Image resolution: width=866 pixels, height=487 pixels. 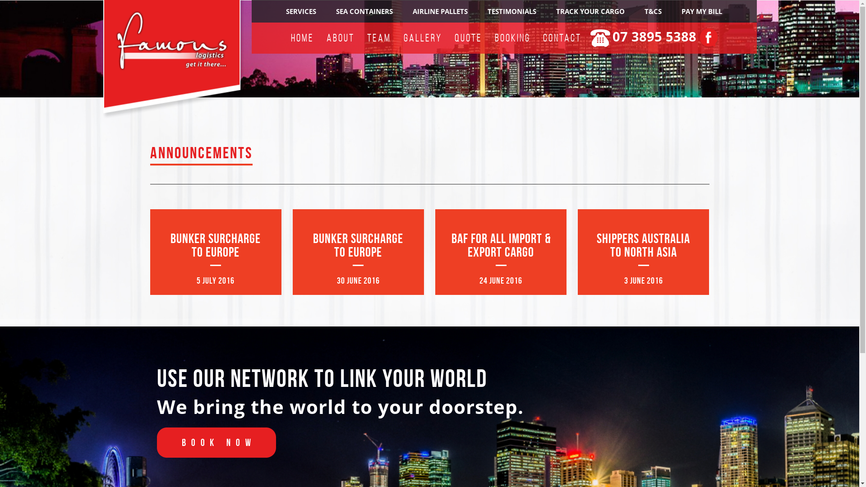 What do you see at coordinates (286, 37) in the screenshot?
I see `'HOME'` at bounding box center [286, 37].